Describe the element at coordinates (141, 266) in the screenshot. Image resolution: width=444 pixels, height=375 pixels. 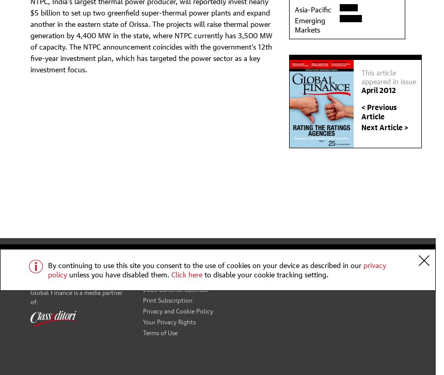
I see `'About'` at that location.